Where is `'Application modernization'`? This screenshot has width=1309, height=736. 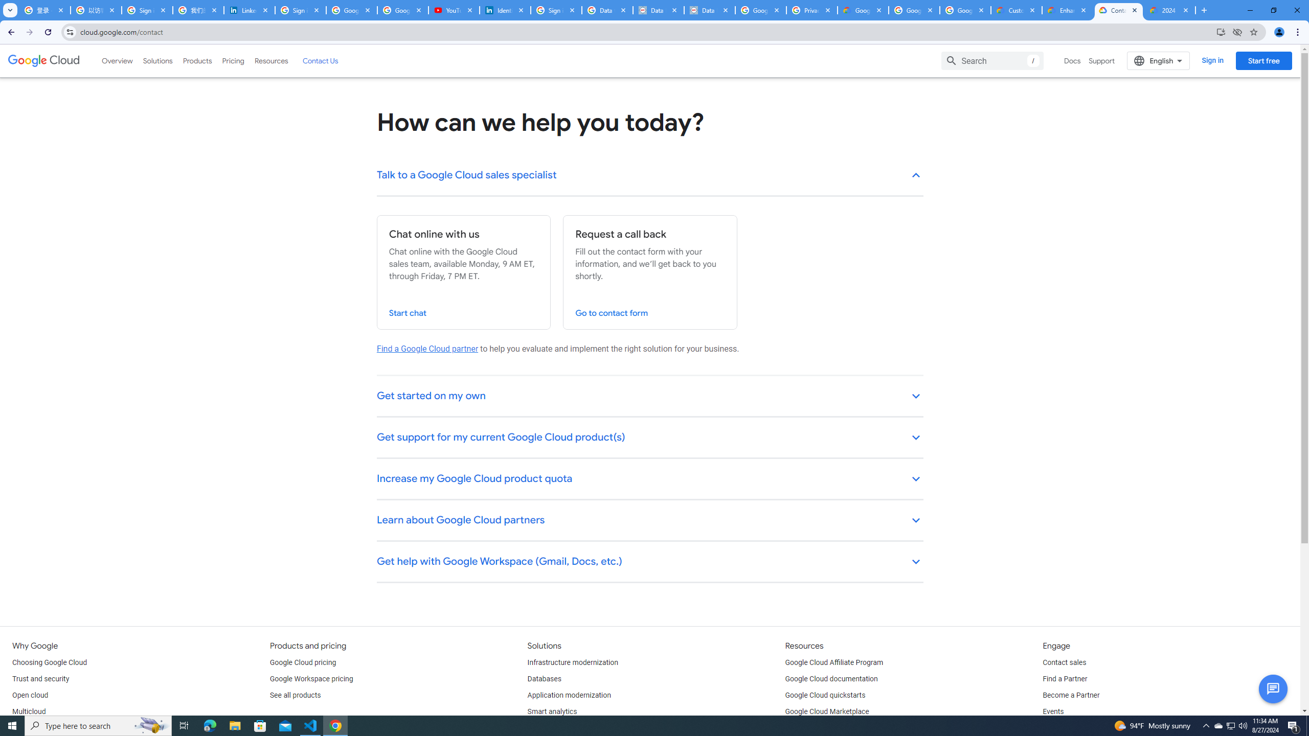
'Application modernization' is located at coordinates (569, 695).